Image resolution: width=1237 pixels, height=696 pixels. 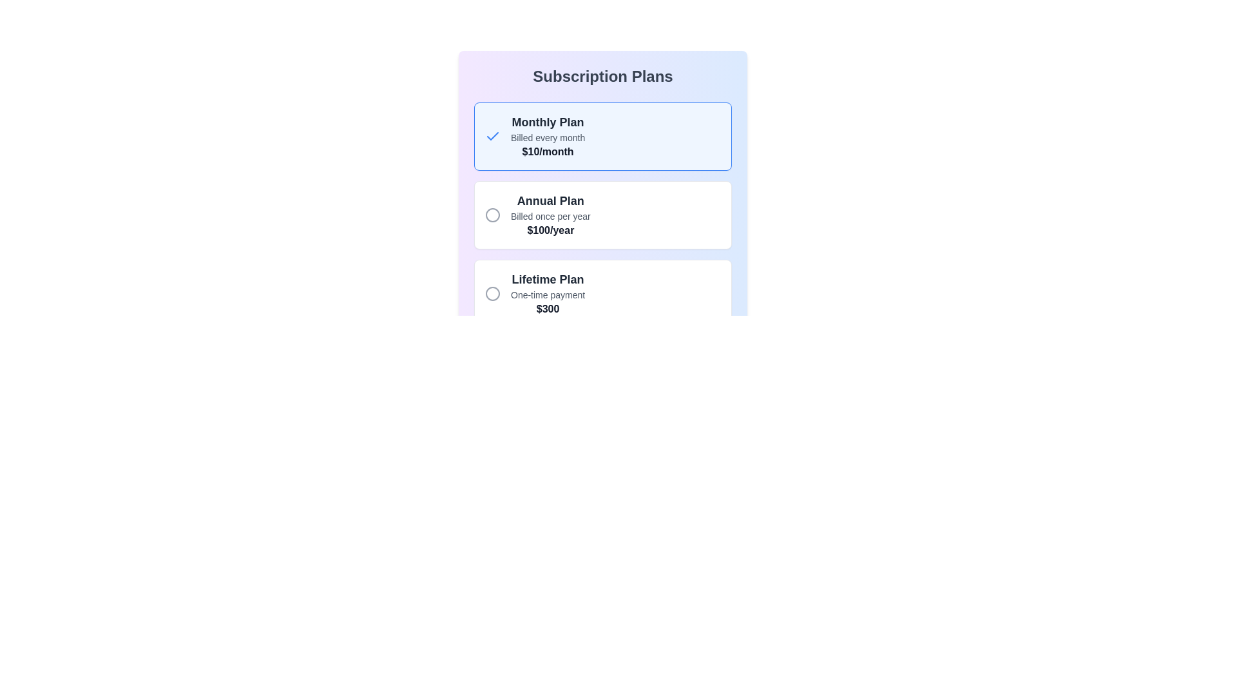 What do you see at coordinates (548, 295) in the screenshot?
I see `the static text label that describes the payment model for the 'Lifetime Plan', located below the plan title and above the pricing text` at bounding box center [548, 295].